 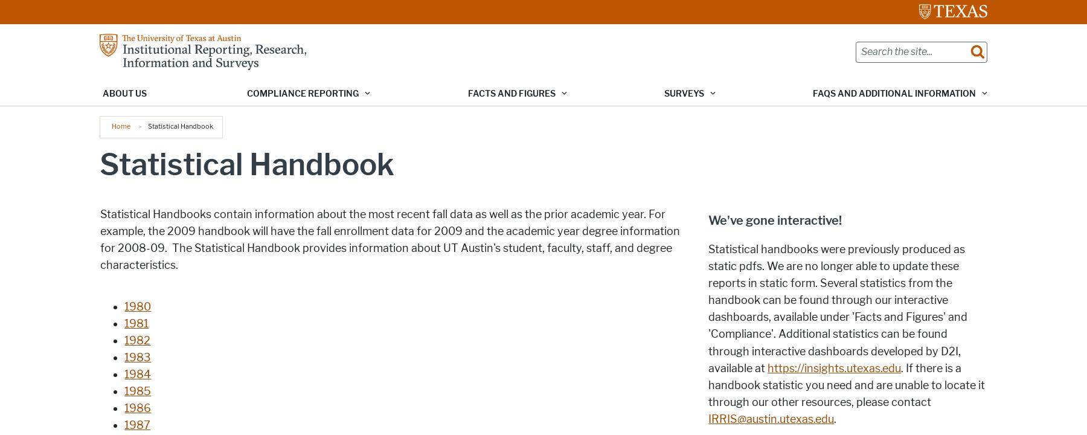 What do you see at coordinates (390, 240) in the screenshot?
I see `'Statistical Handbooks contain information about the most recent fall data as well as the prior academic year. For example, the 2009 handbook will have the fall enrollment data for 2009 and the academic year degree information for 2008-09.  The Statistical Handbook provides information about UT Austin's student, faculty, staff, and degree characteristics.'` at bounding box center [390, 240].